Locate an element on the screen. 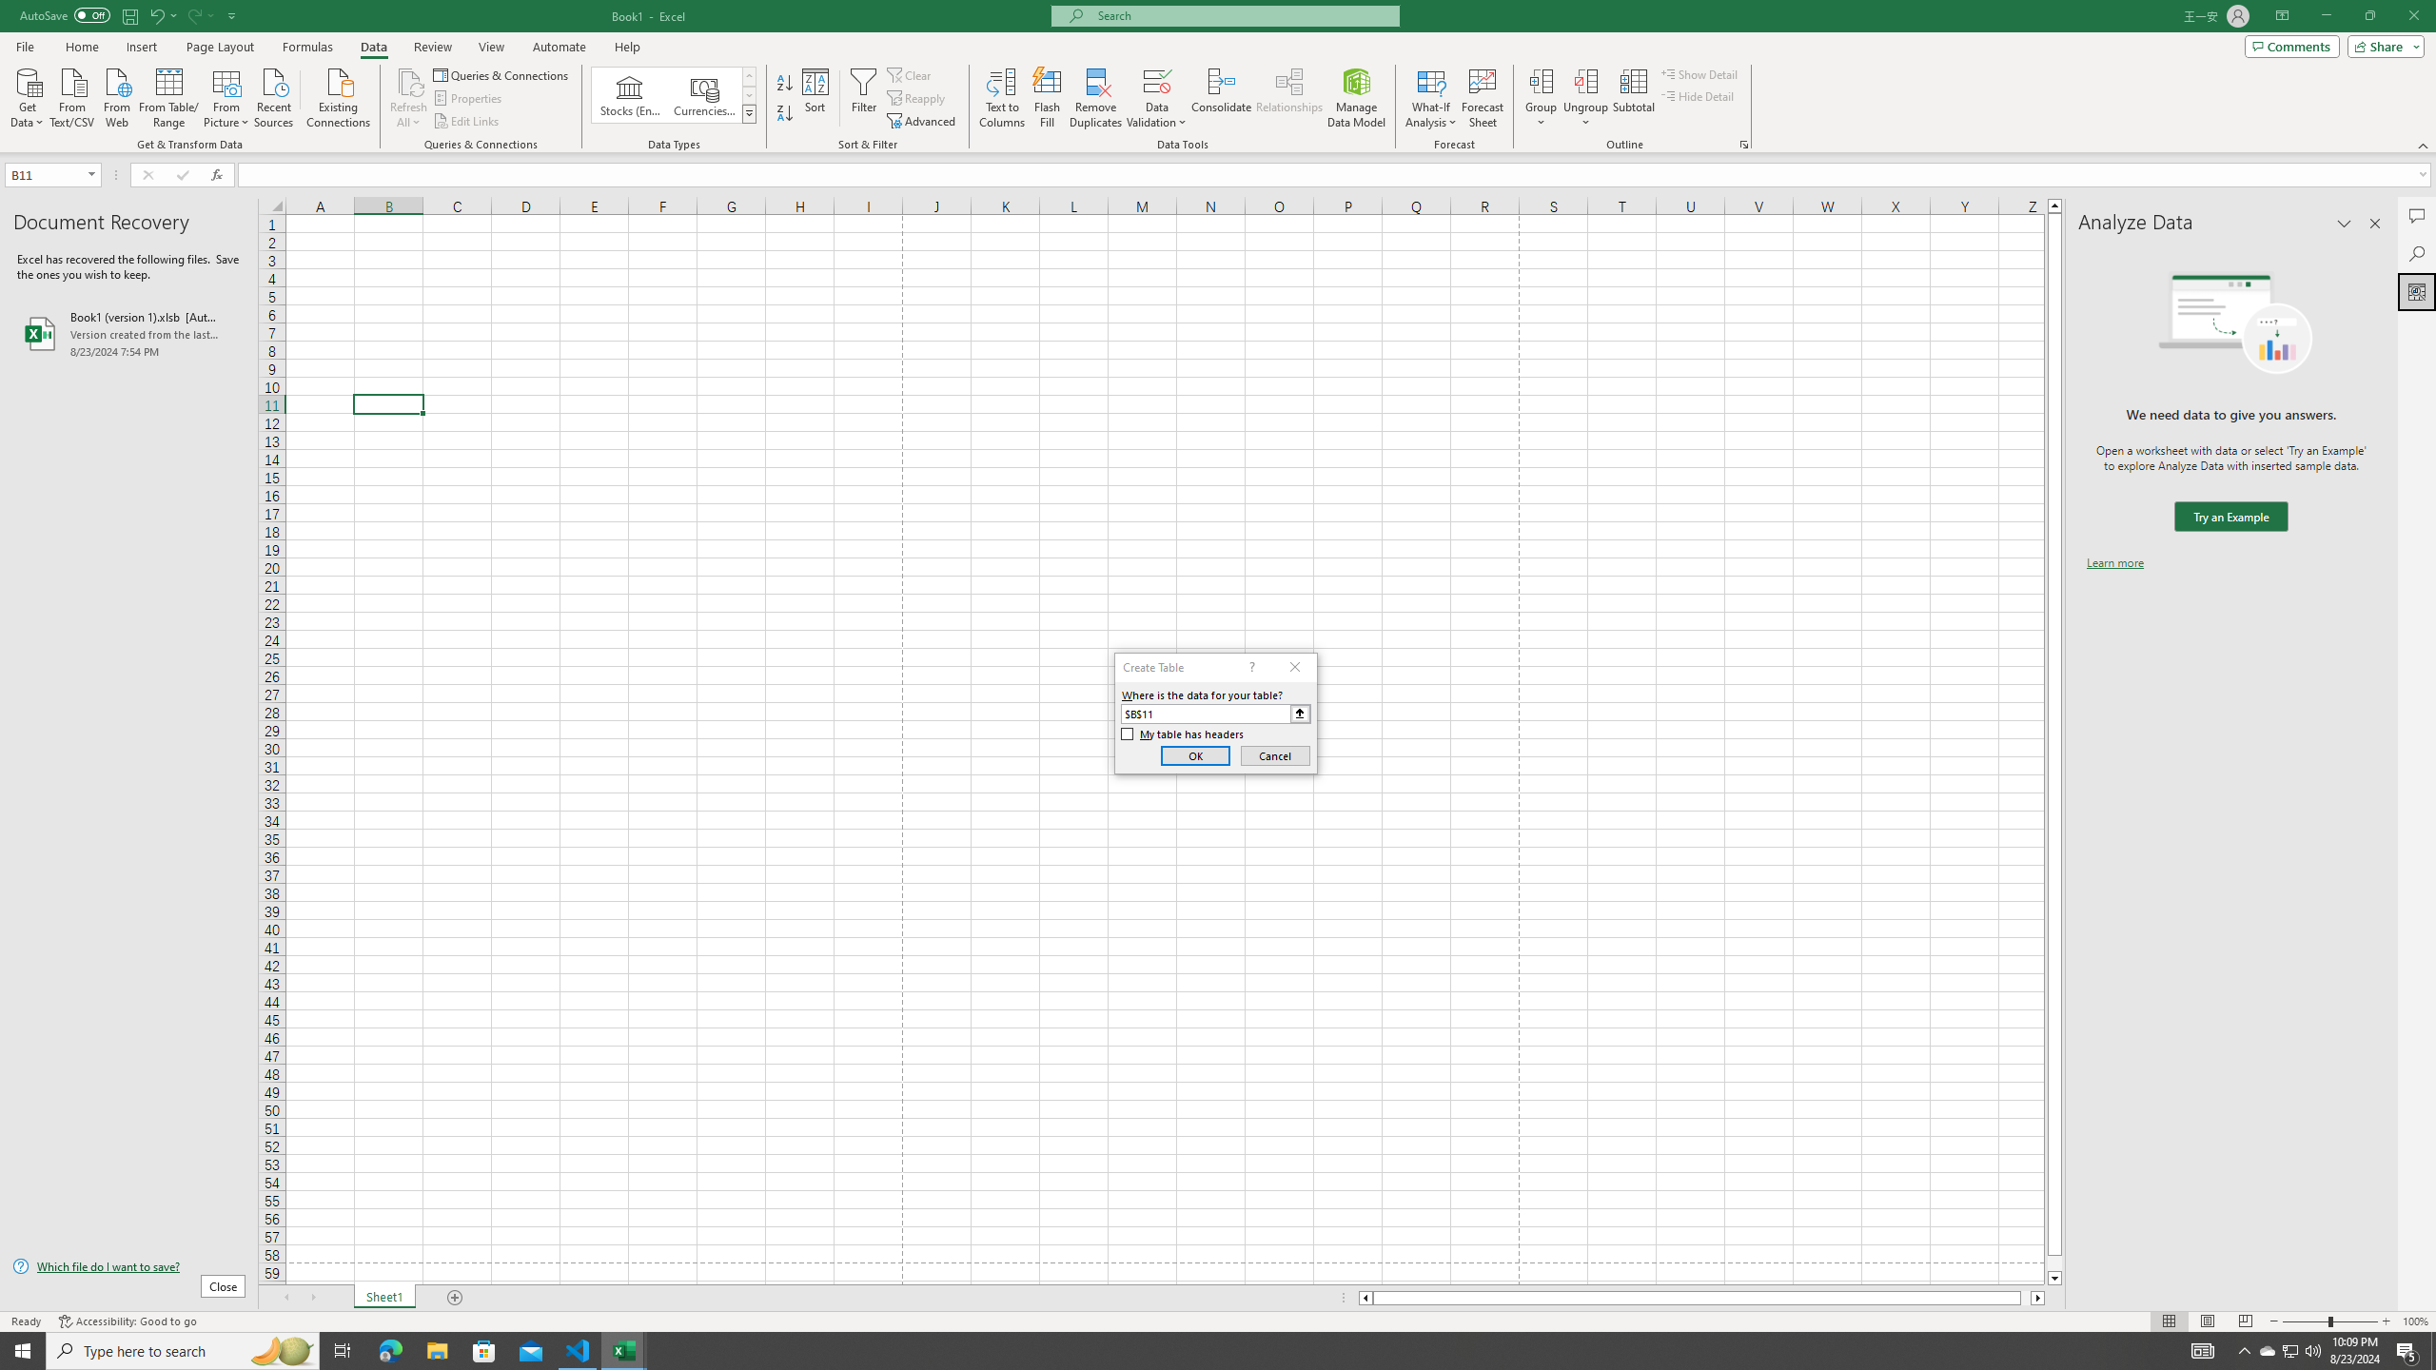 Image resolution: width=2436 pixels, height=1370 pixels. 'Consolidate...' is located at coordinates (1221, 98).